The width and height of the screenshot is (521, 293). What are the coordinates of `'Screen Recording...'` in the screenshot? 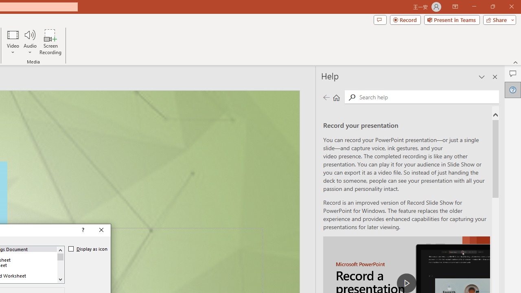 It's located at (50, 42).